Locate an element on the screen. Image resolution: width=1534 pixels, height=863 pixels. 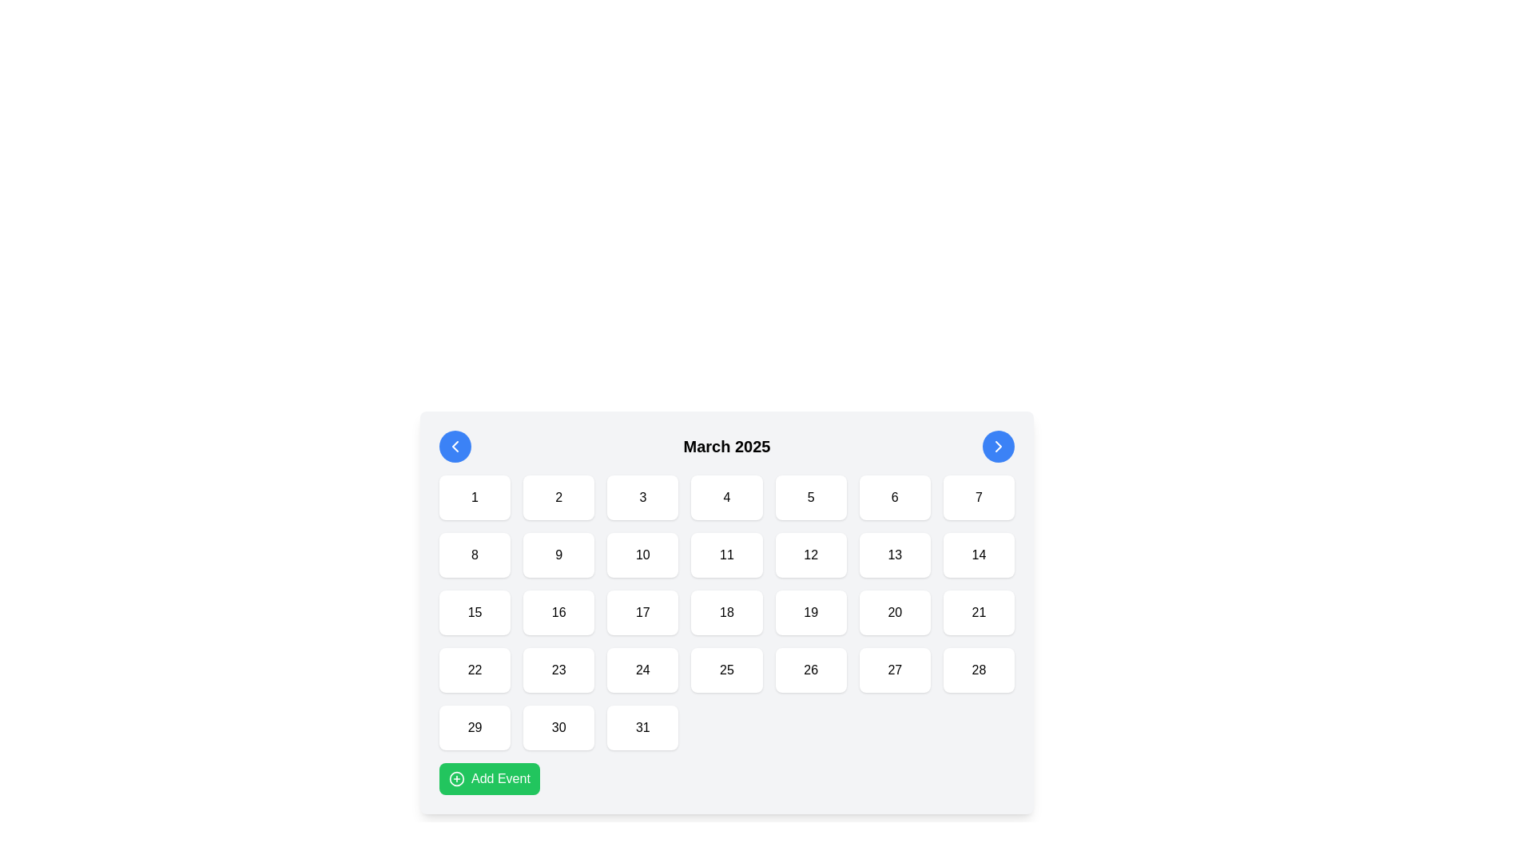
the button with the text '13', which is a rectangular button with a white background and shadowed edges, located in the second row and sixth column of the grid layout is located at coordinates (895, 554).